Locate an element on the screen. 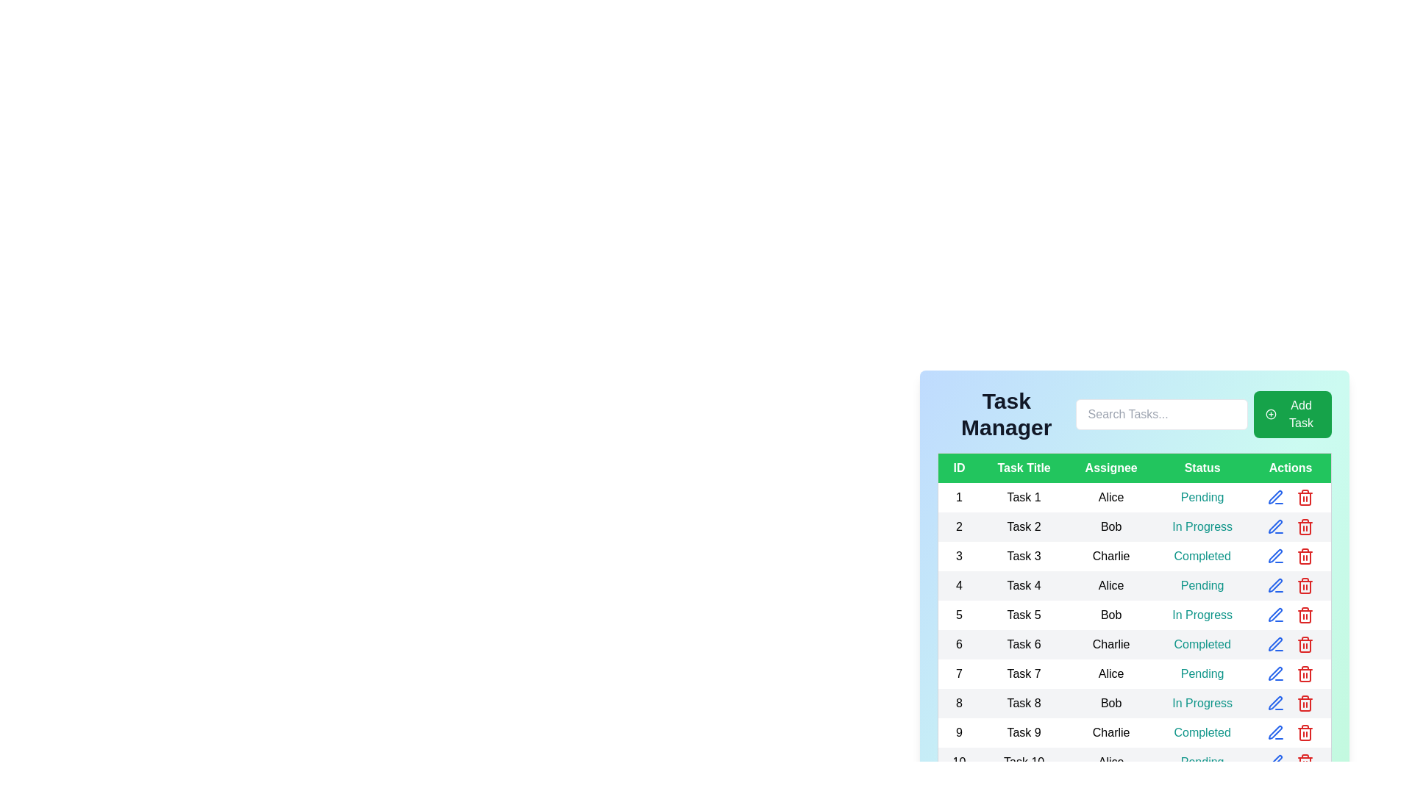 Image resolution: width=1412 pixels, height=794 pixels. the 'Add Task' button to initiate adding a new task is located at coordinates (1291, 414).